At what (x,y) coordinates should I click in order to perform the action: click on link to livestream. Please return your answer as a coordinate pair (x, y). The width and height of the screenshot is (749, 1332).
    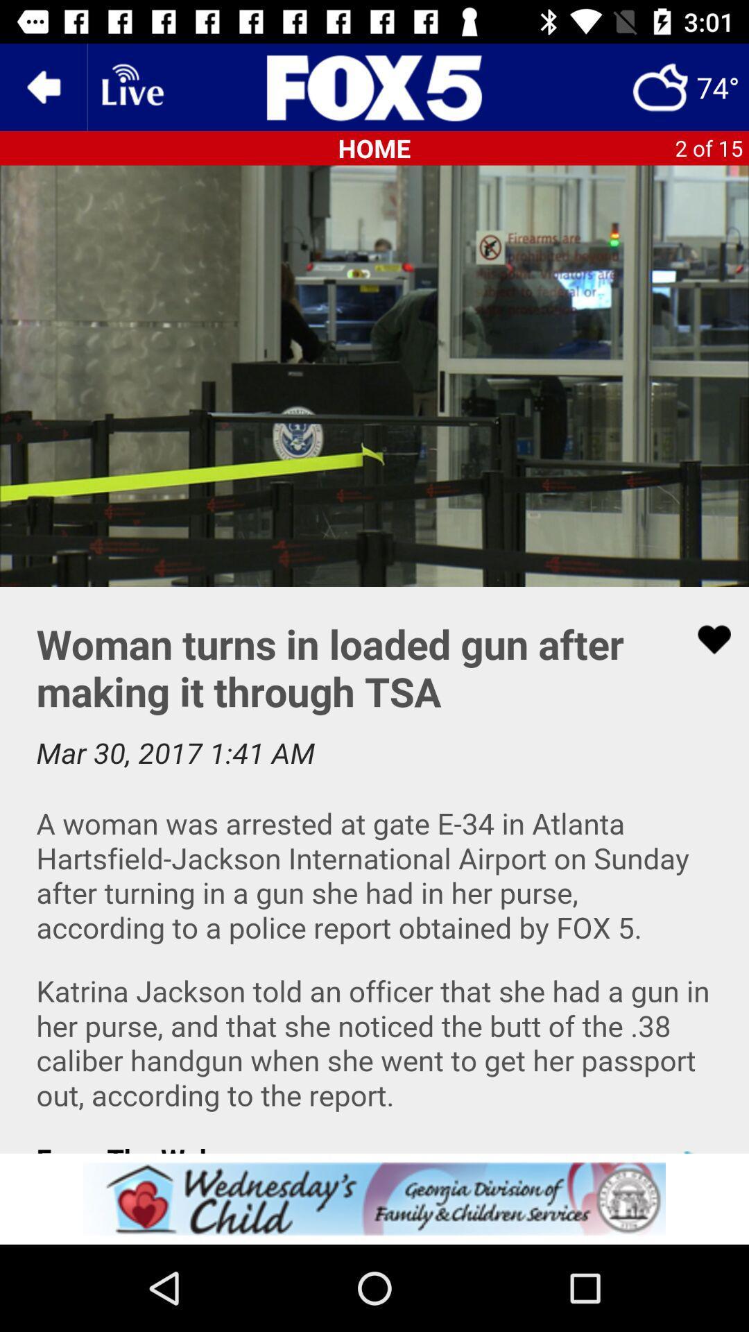
    Looking at the image, I should click on (131, 86).